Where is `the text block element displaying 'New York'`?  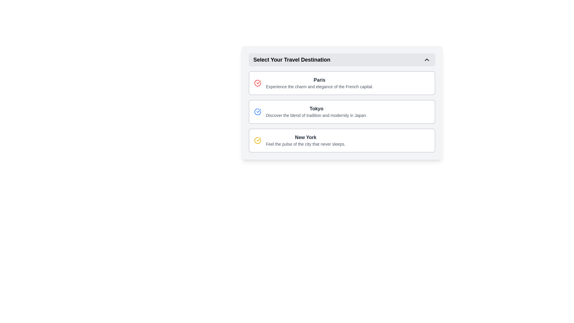 the text block element displaying 'New York' is located at coordinates (306, 141).